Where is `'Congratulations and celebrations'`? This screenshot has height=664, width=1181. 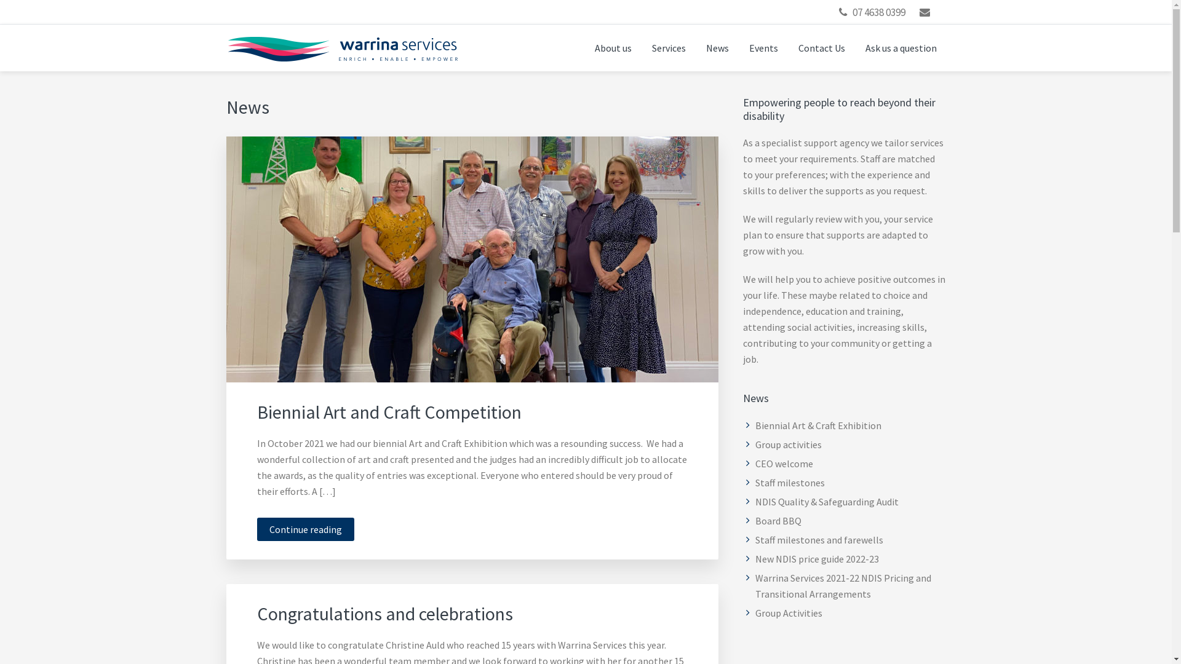 'Congratulations and celebrations' is located at coordinates (384, 614).